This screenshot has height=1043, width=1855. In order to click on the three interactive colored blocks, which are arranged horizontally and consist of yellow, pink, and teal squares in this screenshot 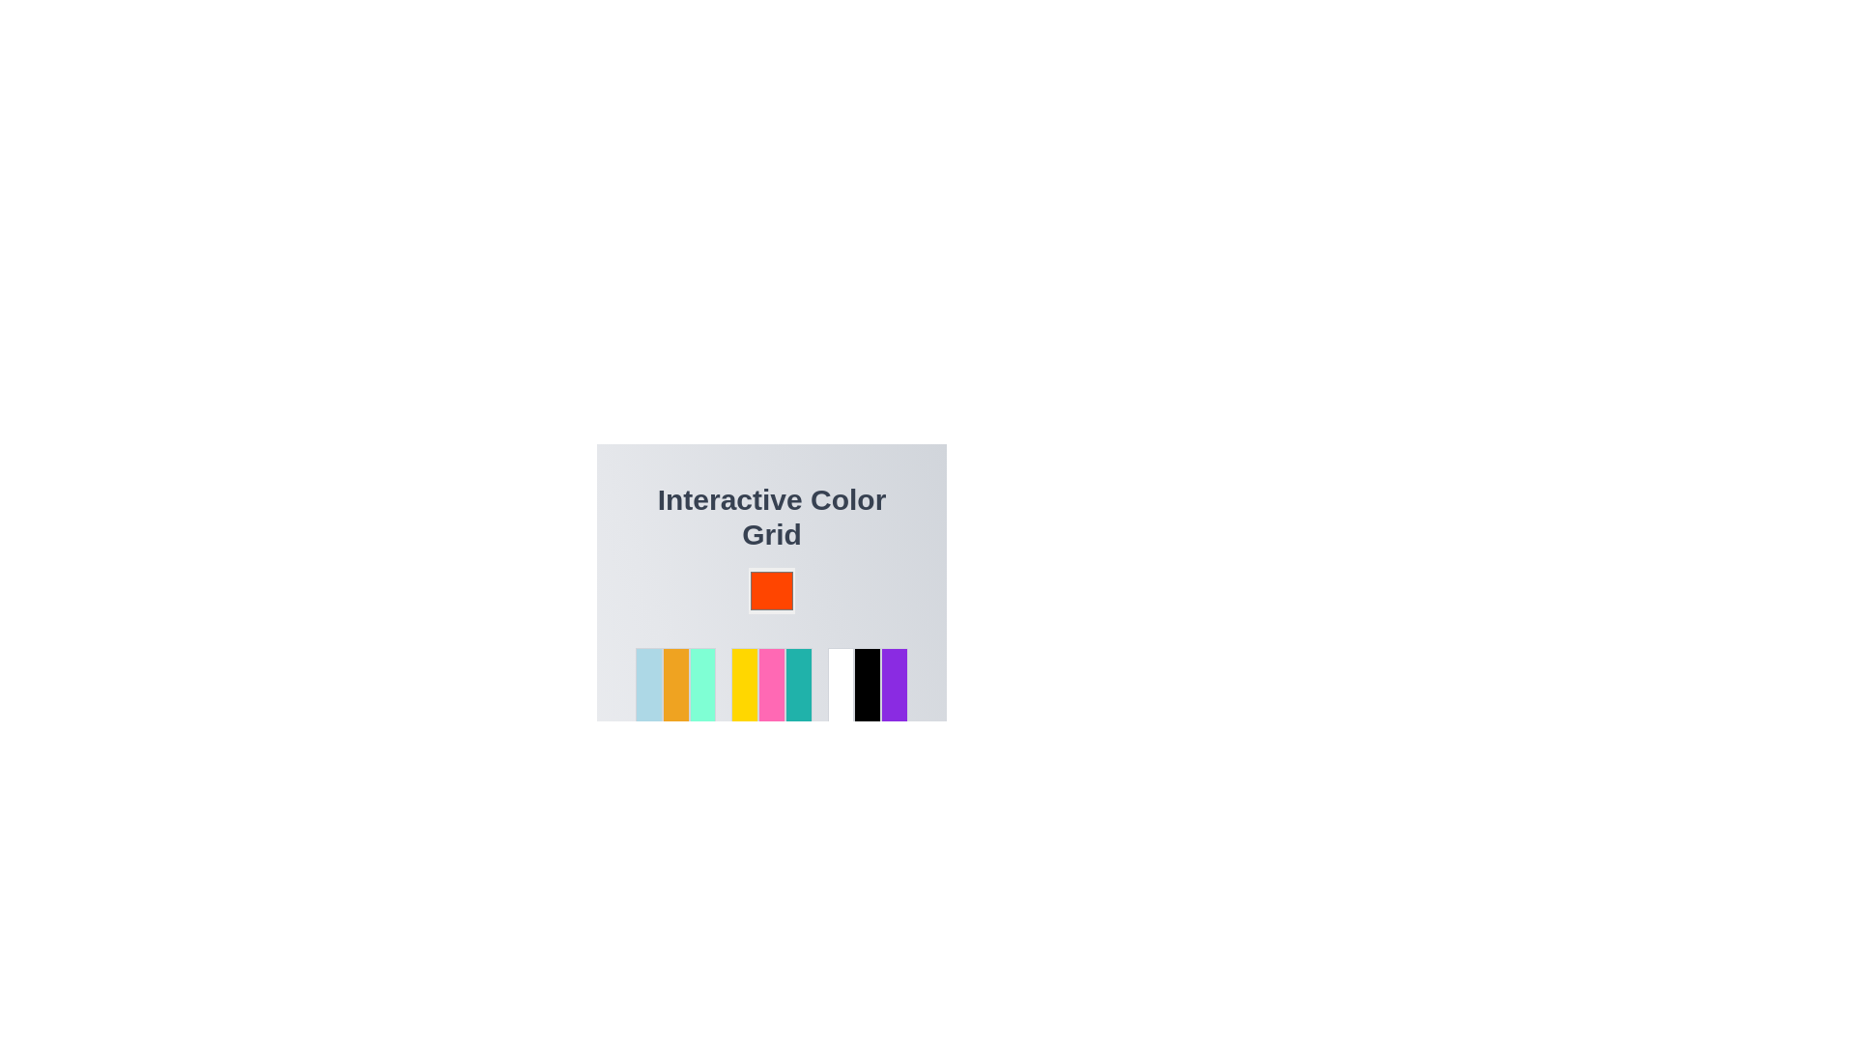, I will do `click(770, 685)`.